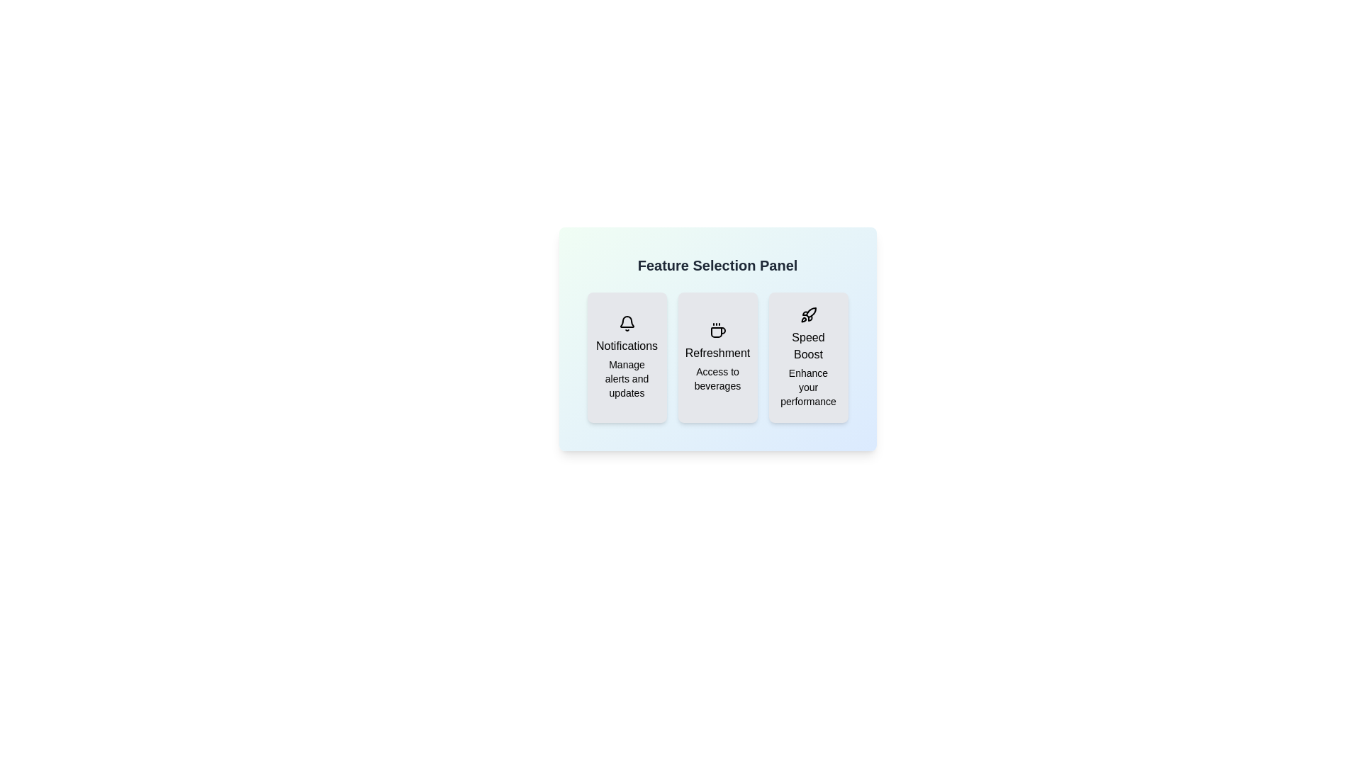 Image resolution: width=1361 pixels, height=765 pixels. I want to click on the feature Refreshment by clicking its button, so click(717, 357).